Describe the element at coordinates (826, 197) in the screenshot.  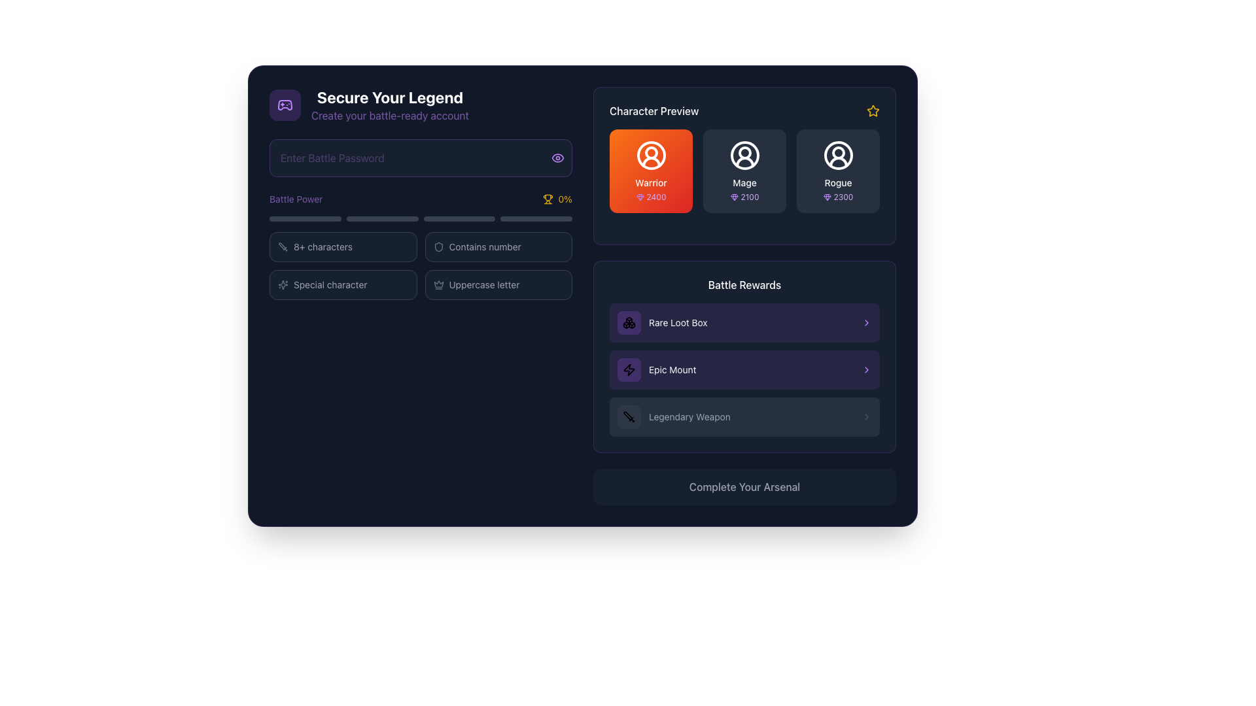
I see `the small purple gem-shaped vector graphic located adjacent to the star icon in the Character Preview section` at that location.